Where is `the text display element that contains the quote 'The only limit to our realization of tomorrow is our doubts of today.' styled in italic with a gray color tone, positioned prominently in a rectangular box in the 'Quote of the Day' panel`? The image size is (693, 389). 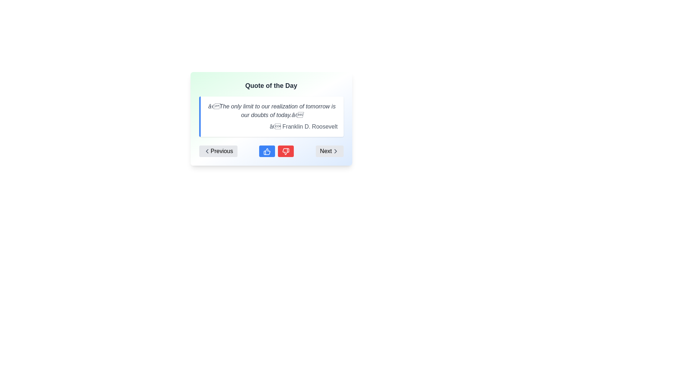
the text display element that contains the quote 'The only limit to our realization of tomorrow is our doubts of today.' styled in italic with a gray color tone, positioned prominently in a rectangular box in the 'Quote of the Day' panel is located at coordinates (271, 111).